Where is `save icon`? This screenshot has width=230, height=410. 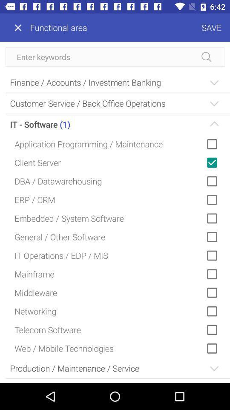
save icon is located at coordinates (158, 27).